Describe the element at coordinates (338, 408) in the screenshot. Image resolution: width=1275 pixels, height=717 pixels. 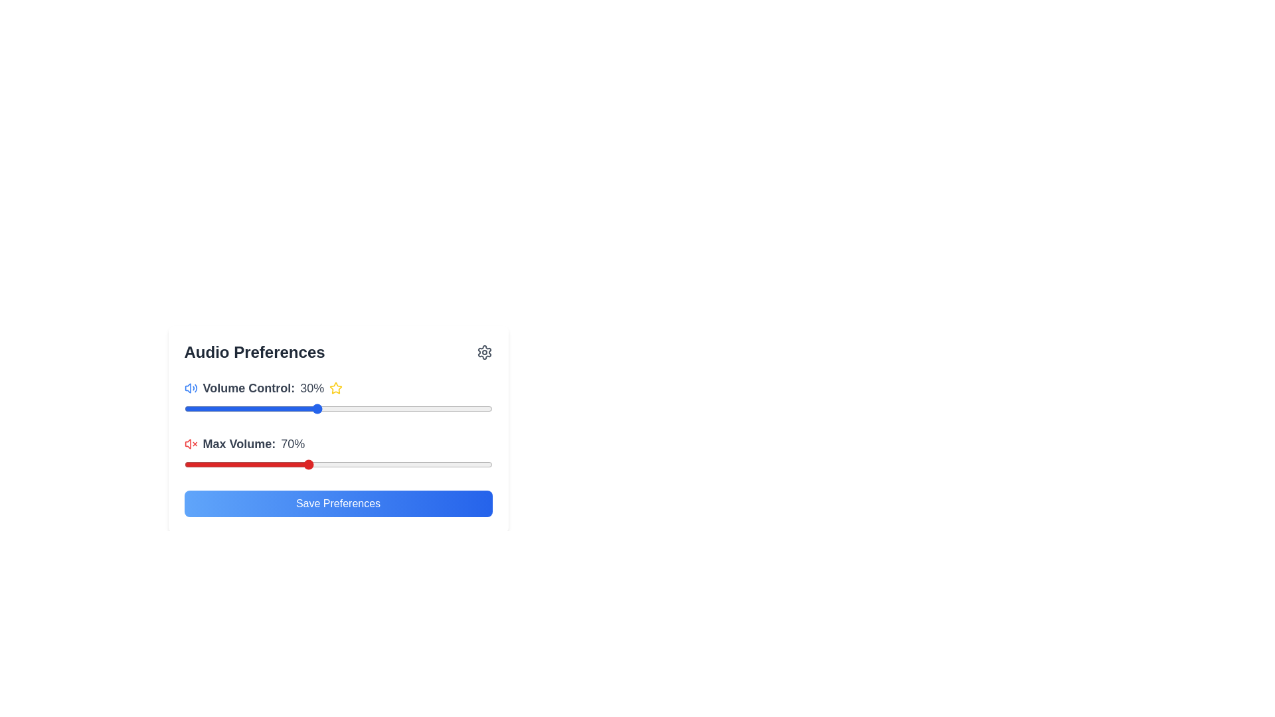
I see `the volume control slider located below the label displaying 'Volume Control: 30%' to set the value` at that location.